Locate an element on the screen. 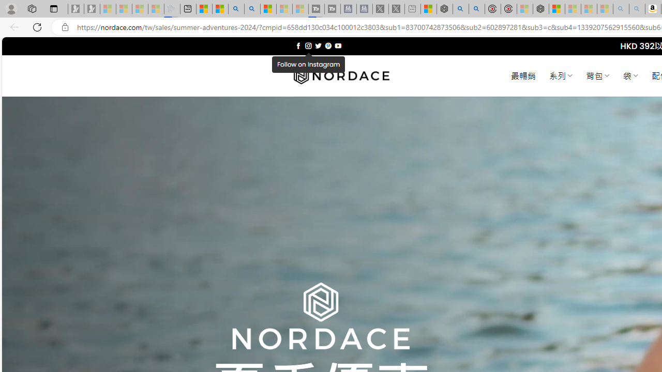  'New tab - Sleeping' is located at coordinates (412, 9).